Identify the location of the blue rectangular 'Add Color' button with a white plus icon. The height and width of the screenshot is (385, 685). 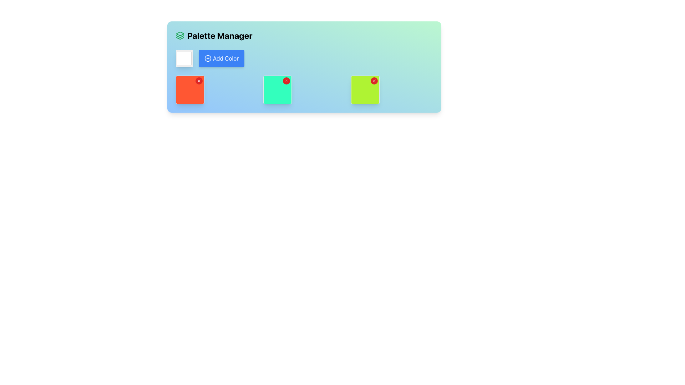
(221, 58).